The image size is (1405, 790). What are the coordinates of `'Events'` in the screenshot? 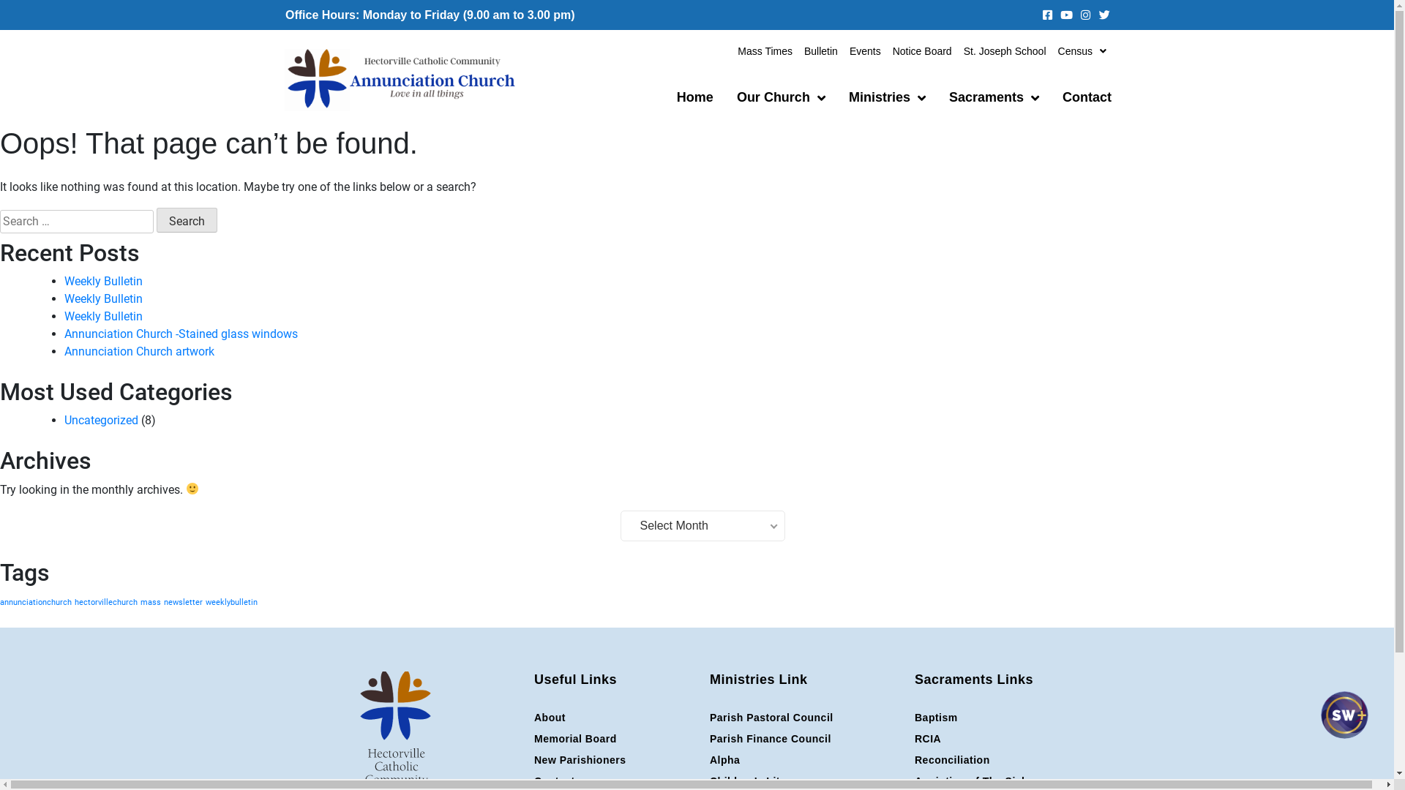 It's located at (865, 50).